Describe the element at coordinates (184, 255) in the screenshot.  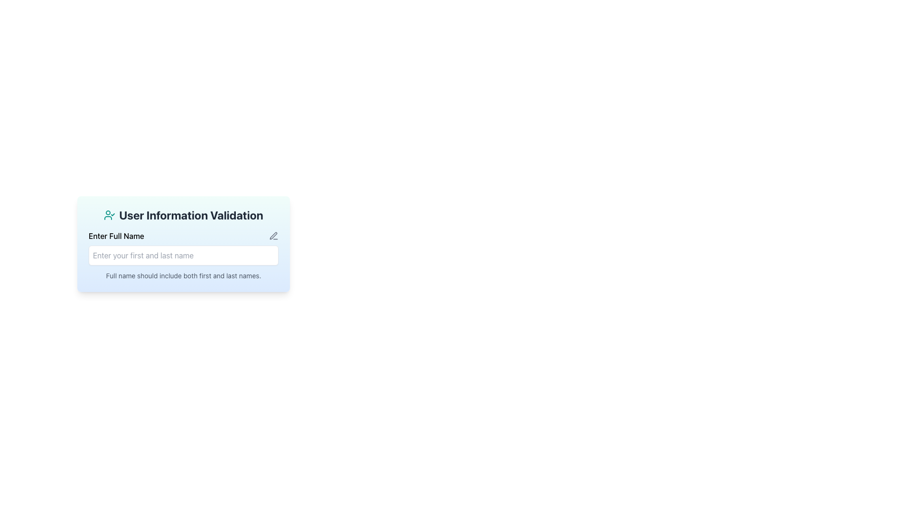
I see `the text input box with rounded borders and placeholder text 'Enter your first and last name' to focus on it` at that location.